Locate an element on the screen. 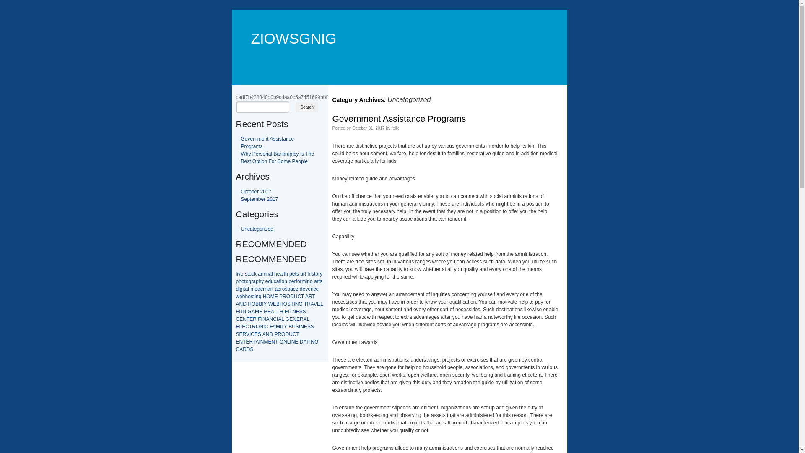  'T' is located at coordinates (276, 341).